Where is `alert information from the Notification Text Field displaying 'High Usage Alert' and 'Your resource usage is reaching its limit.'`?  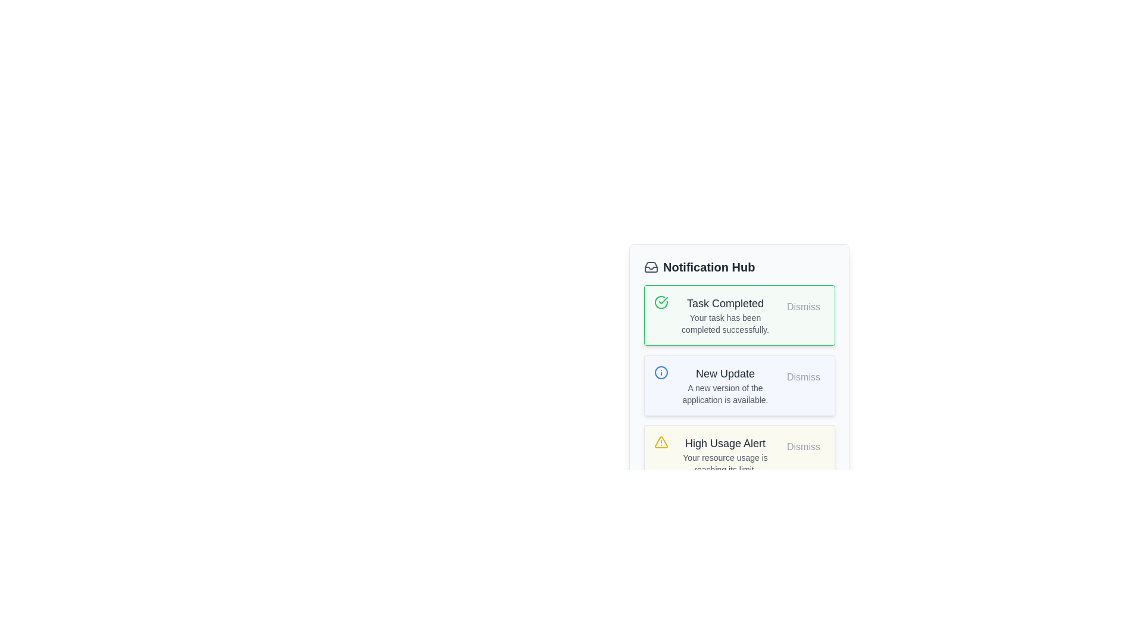 alert information from the Notification Text Field displaying 'High Usage Alert' and 'Your resource usage is reaching its limit.' is located at coordinates (724, 455).